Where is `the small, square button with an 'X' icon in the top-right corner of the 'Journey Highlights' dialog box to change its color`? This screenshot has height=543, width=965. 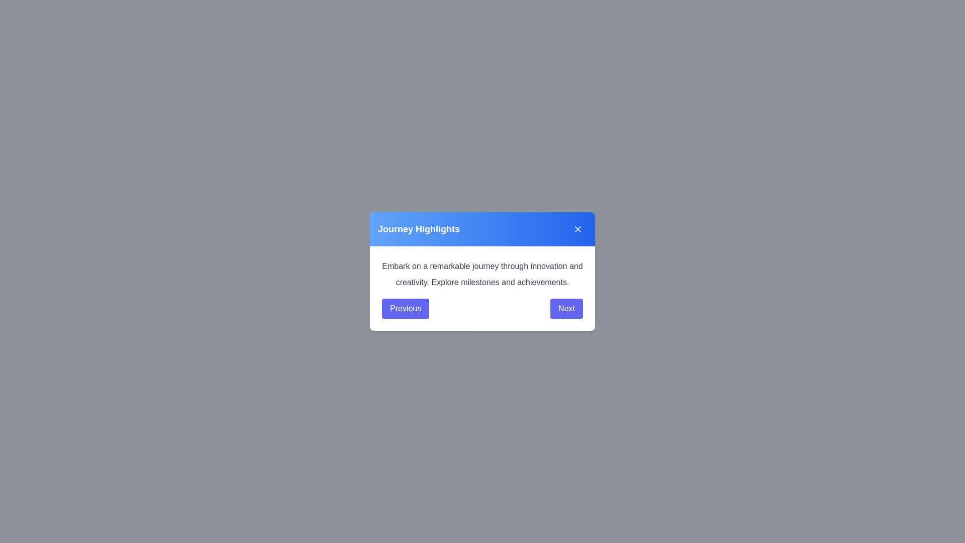 the small, square button with an 'X' icon in the top-right corner of the 'Journey Highlights' dialog box to change its color is located at coordinates (578, 229).